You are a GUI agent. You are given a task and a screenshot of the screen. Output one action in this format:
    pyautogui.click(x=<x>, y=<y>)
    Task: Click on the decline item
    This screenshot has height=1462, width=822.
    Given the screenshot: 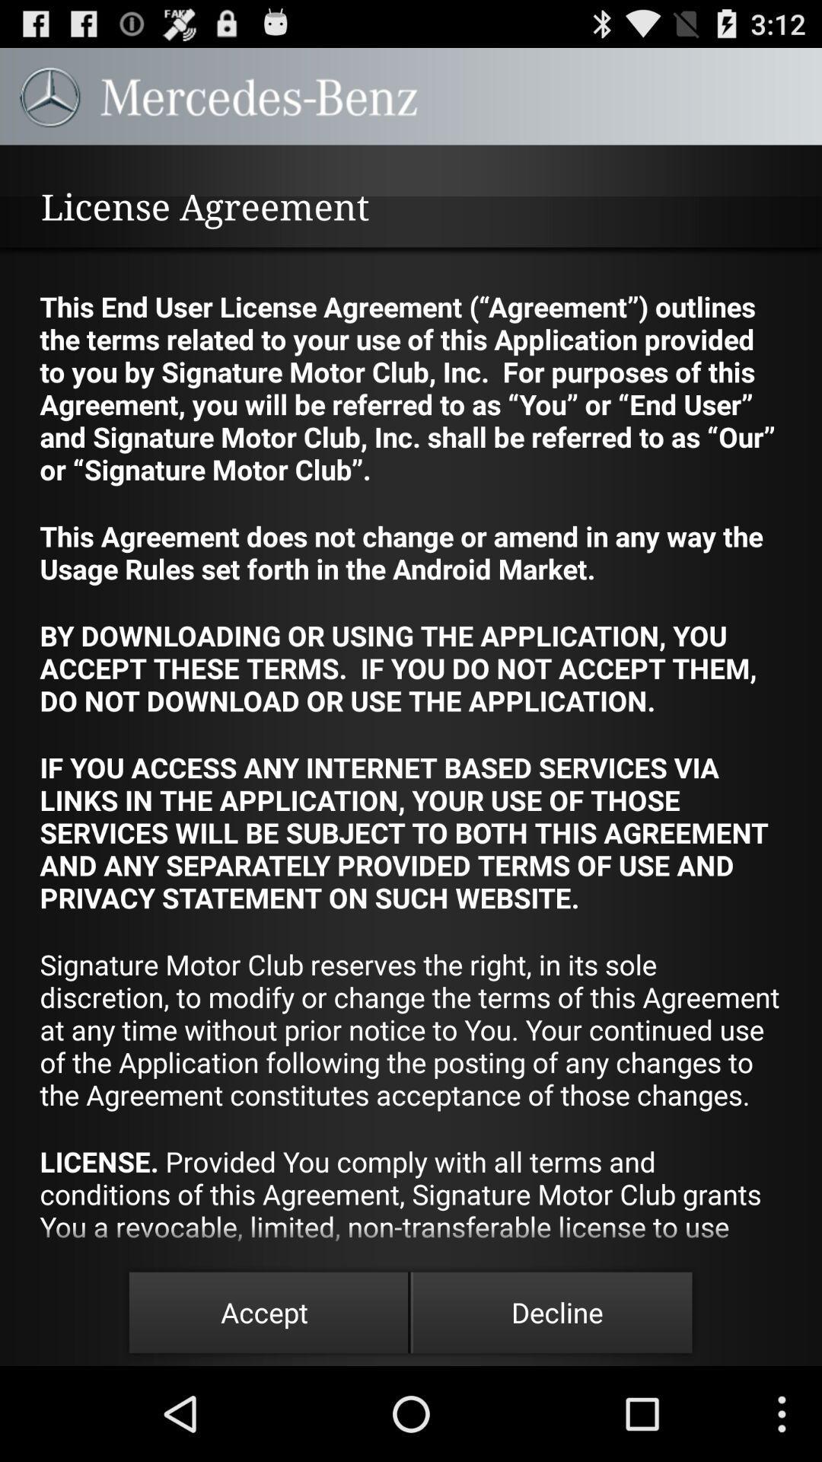 What is the action you would take?
    pyautogui.click(x=557, y=1311)
    